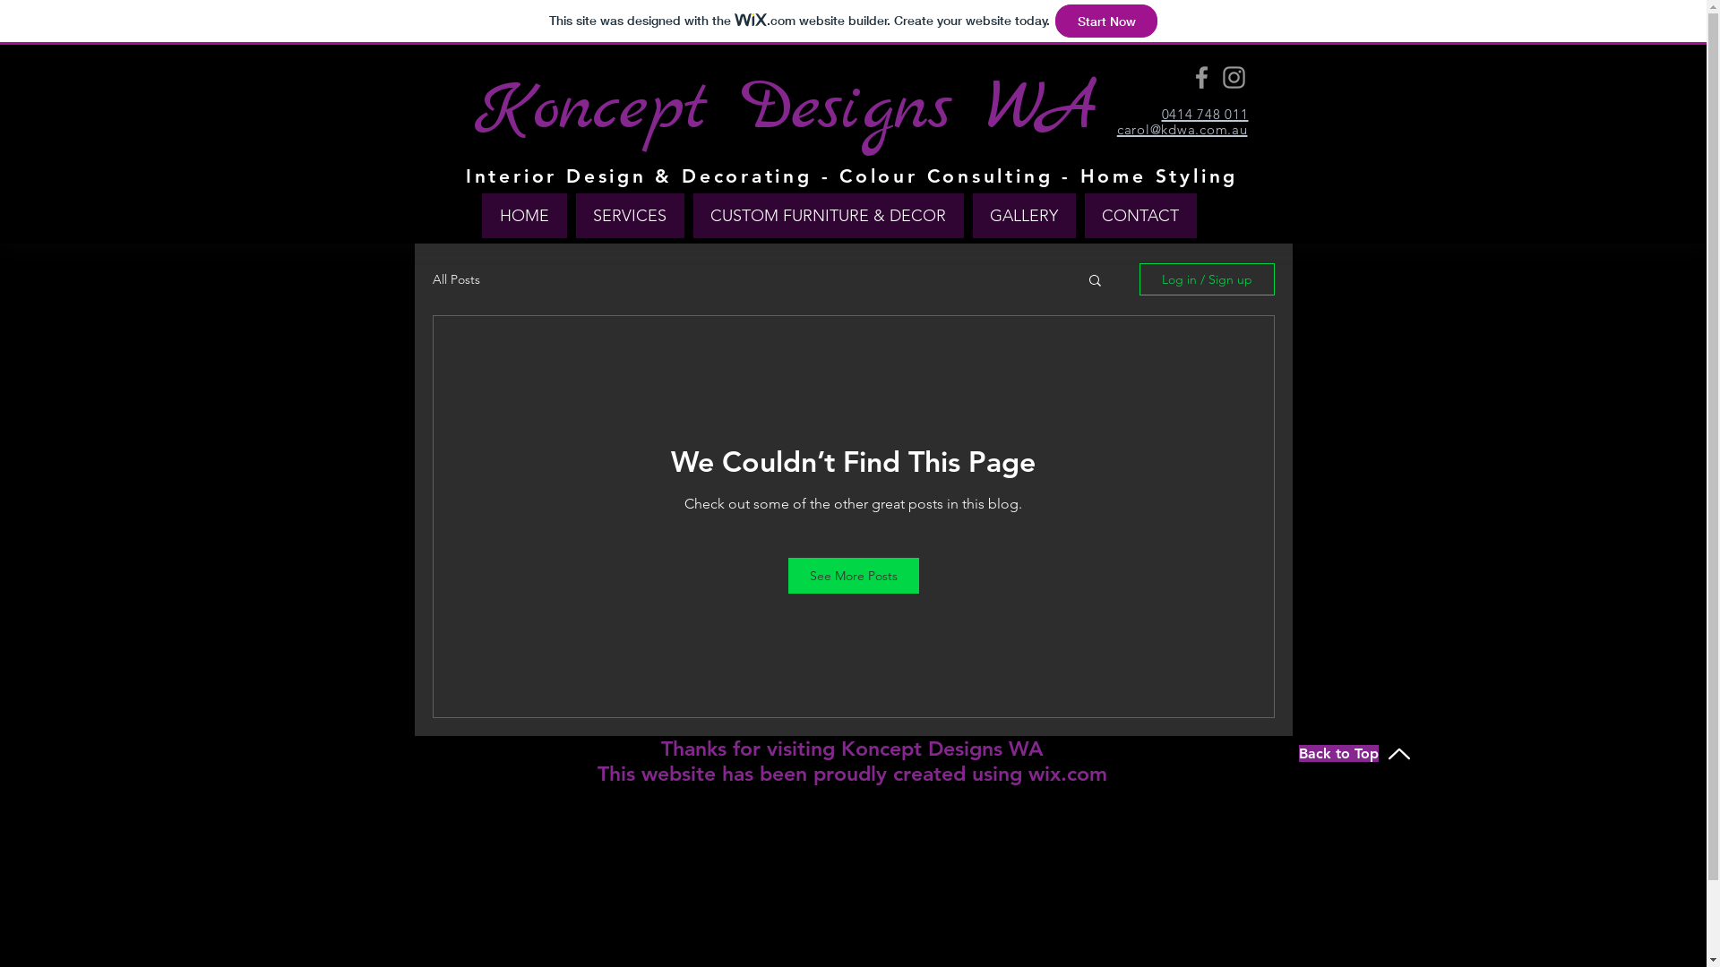 The width and height of the screenshot is (1720, 967). Describe the element at coordinates (787, 576) in the screenshot. I see `'See More Posts'` at that location.